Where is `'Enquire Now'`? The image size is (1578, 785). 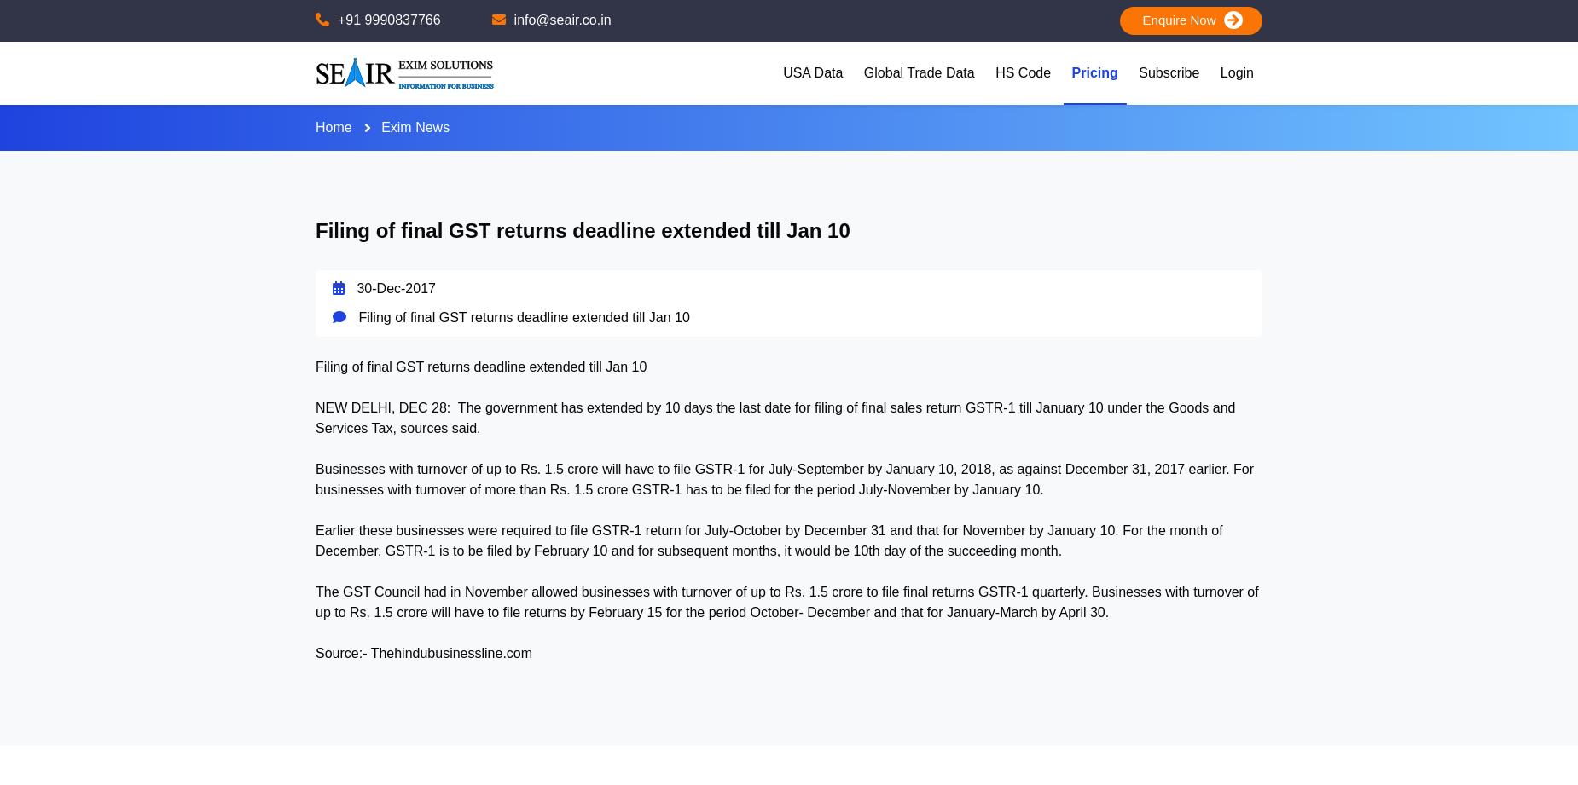 'Enquire Now' is located at coordinates (1127, 20).